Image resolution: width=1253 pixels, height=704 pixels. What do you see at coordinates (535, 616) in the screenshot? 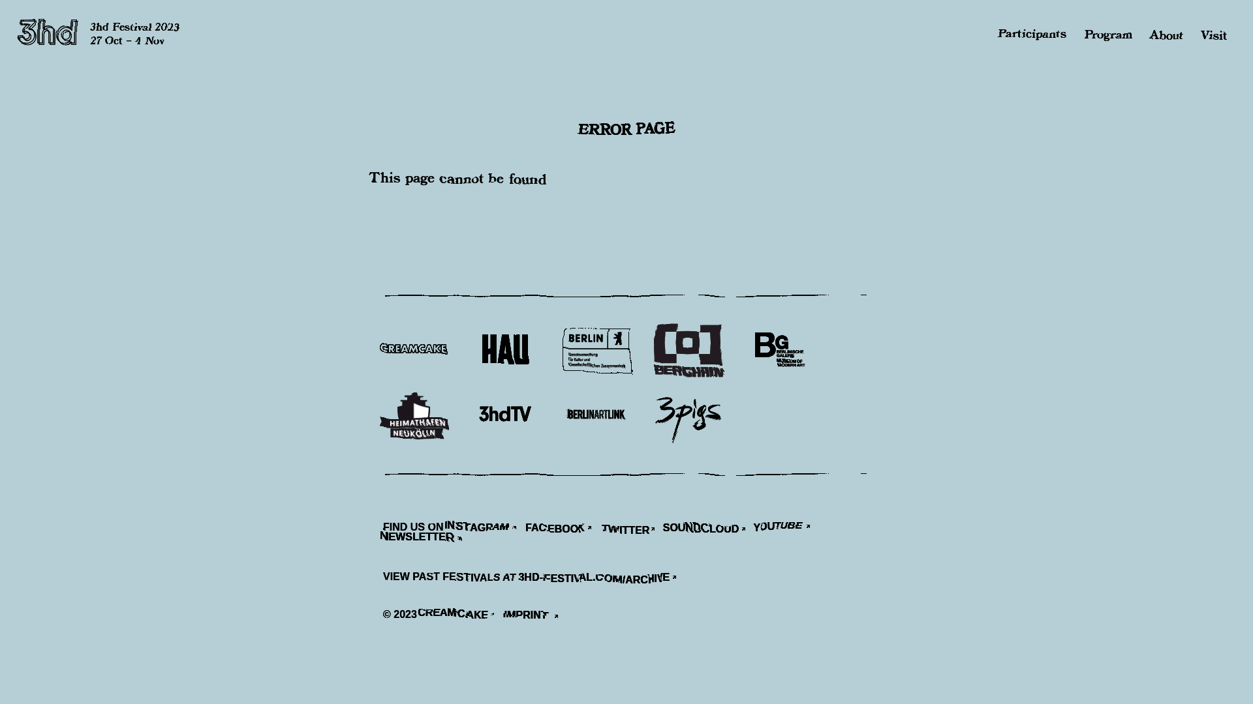
I see `'IMPRINT '` at bounding box center [535, 616].